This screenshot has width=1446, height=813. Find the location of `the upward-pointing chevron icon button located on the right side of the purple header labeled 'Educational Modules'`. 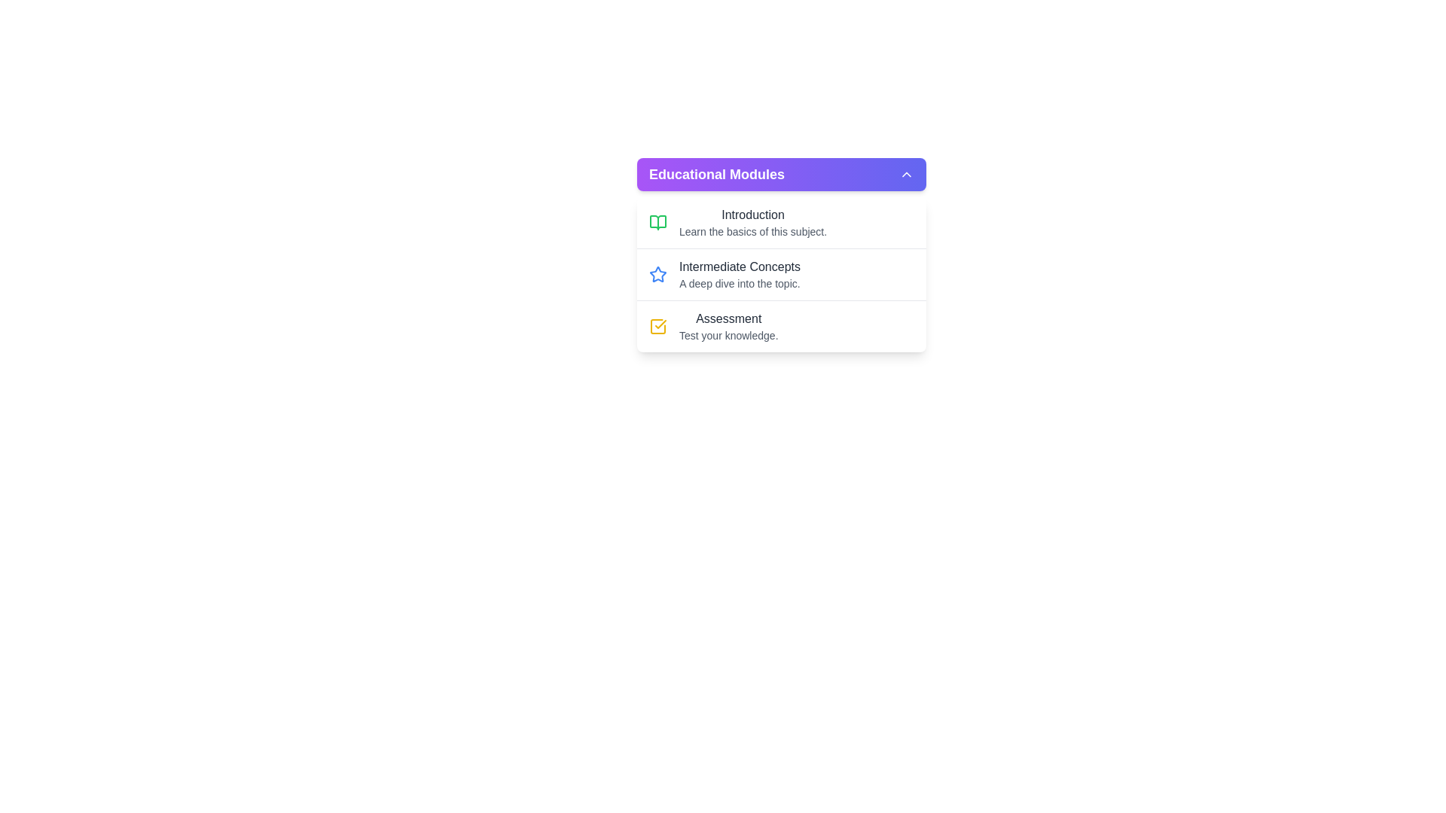

the upward-pointing chevron icon button located on the right side of the purple header labeled 'Educational Modules' is located at coordinates (906, 173).